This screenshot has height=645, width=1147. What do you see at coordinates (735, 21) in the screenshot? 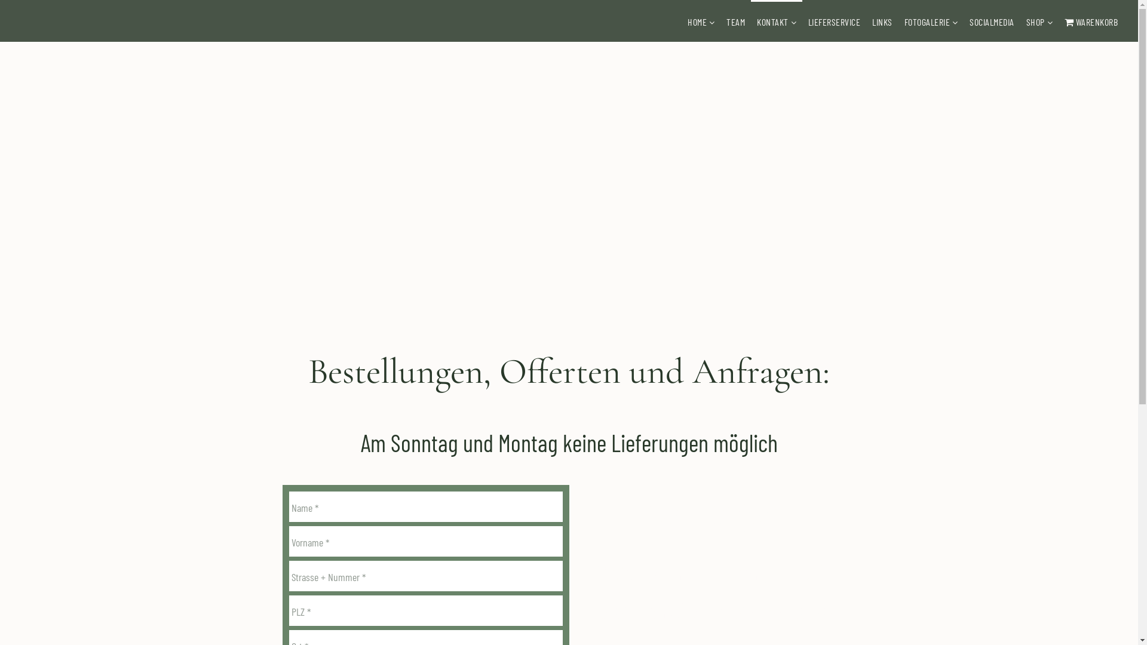
I see `'TEAM'` at bounding box center [735, 21].